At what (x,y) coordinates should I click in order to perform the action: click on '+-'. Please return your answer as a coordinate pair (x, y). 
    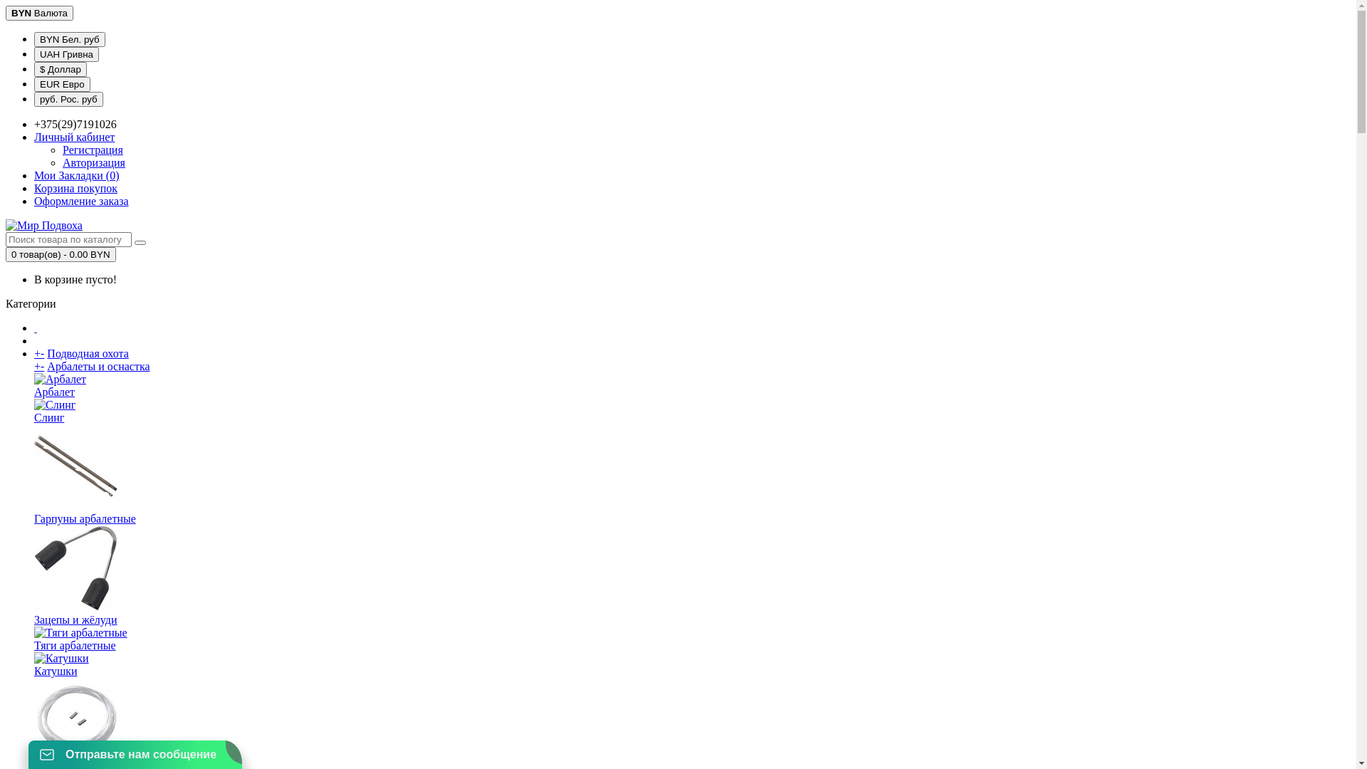
    Looking at the image, I should click on (38, 352).